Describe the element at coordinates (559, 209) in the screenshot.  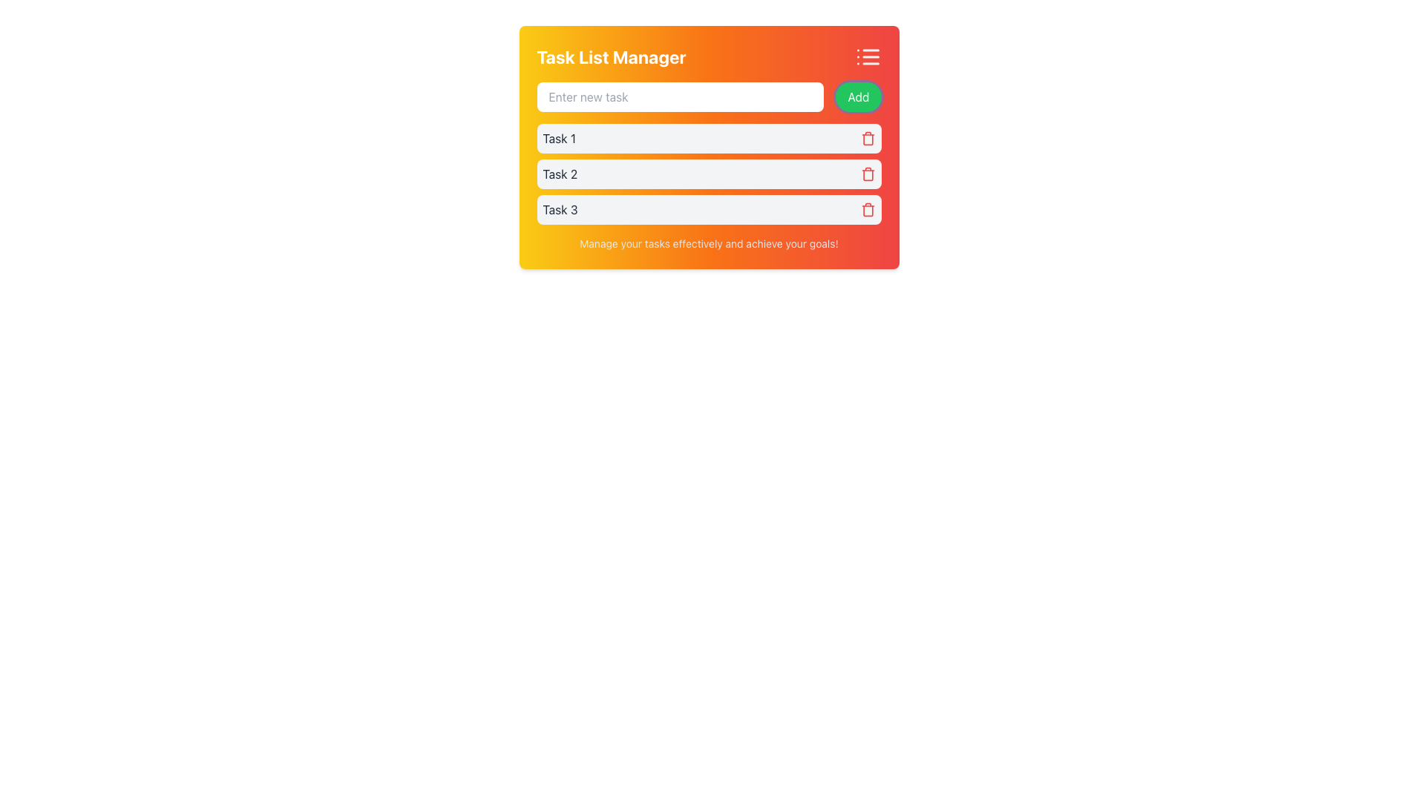
I see `the static text label displaying 'Task 3' in black font, located in the task manager interface, to the left of the delete icon` at that location.